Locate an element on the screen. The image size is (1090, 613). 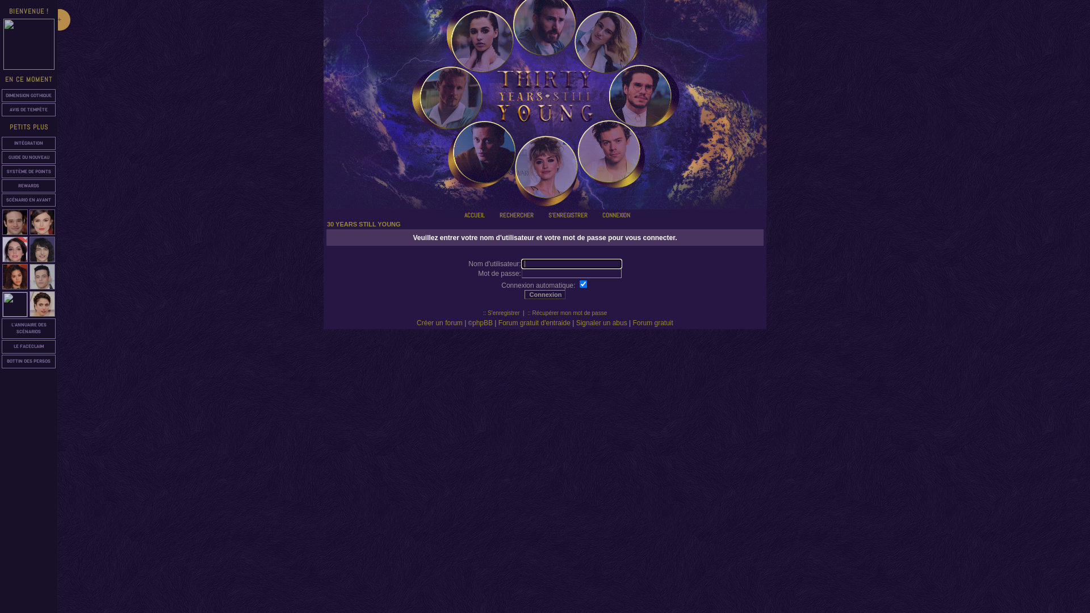
'ACCUEIL' is located at coordinates (455, 215).